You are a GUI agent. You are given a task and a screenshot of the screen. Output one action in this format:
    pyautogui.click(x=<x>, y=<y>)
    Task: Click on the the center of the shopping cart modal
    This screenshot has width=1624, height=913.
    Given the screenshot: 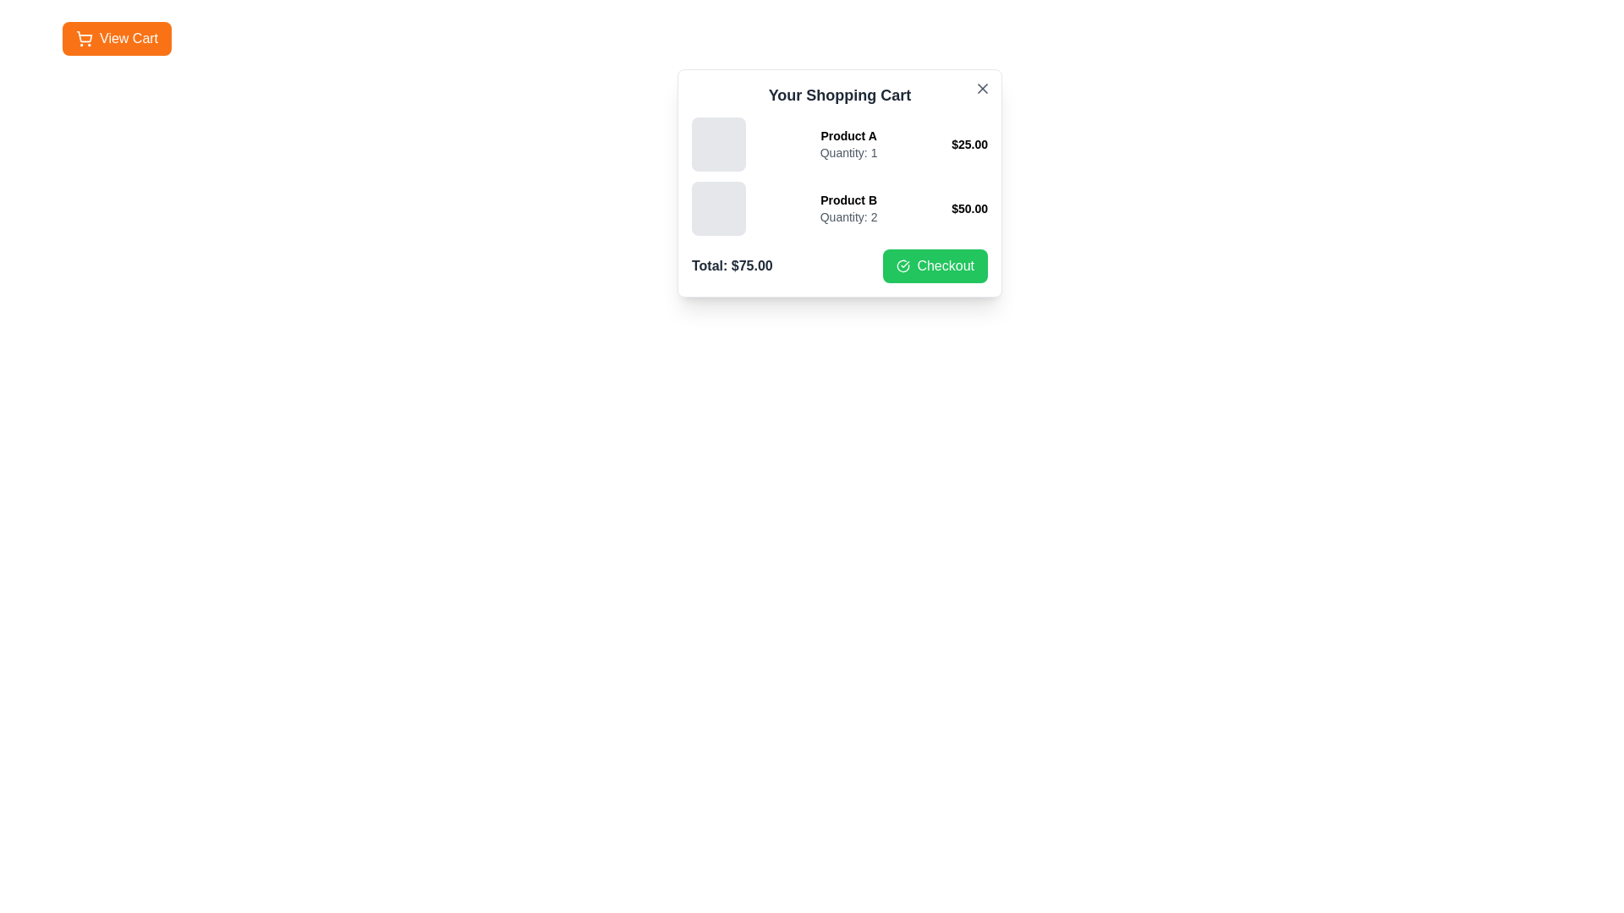 What is the action you would take?
    pyautogui.click(x=840, y=183)
    